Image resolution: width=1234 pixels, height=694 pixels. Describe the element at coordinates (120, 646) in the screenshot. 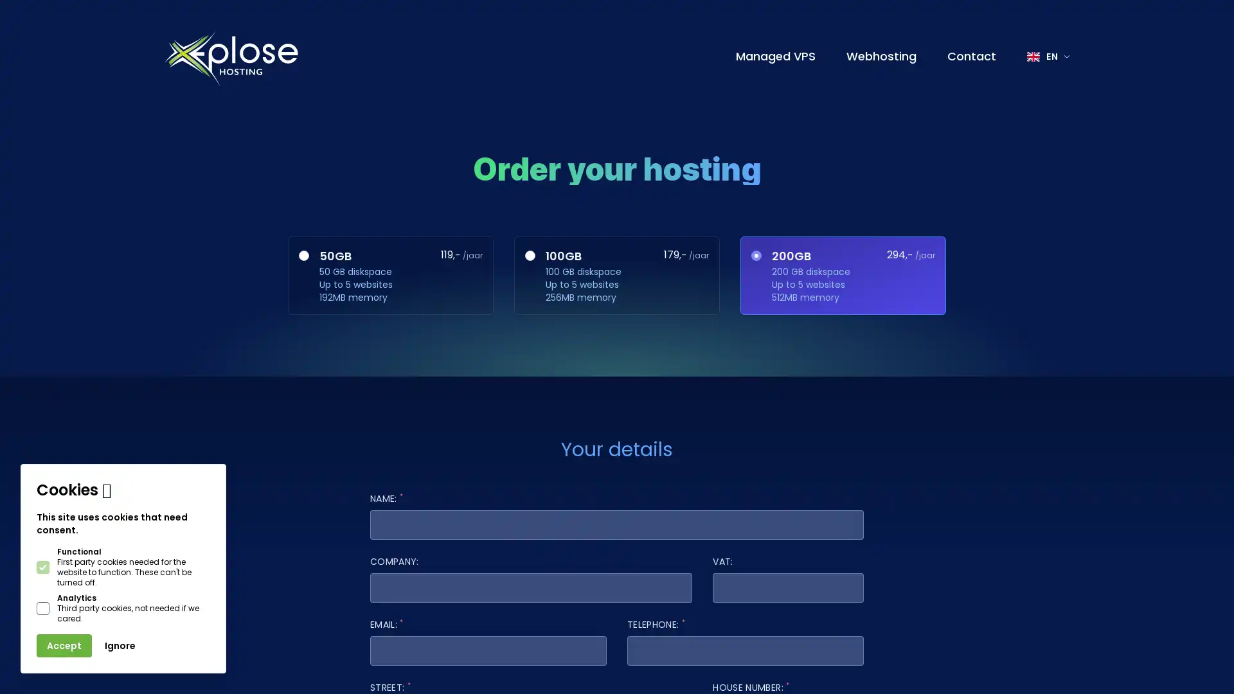

I see `Ignore` at that location.